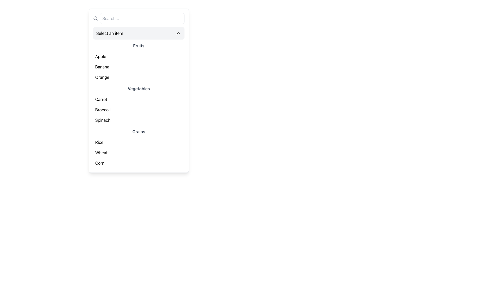 This screenshot has width=501, height=281. I want to click on the 'Spinach' menu item, which is the third item under the 'Vegetables' section of the dropdown menu, so click(139, 120).